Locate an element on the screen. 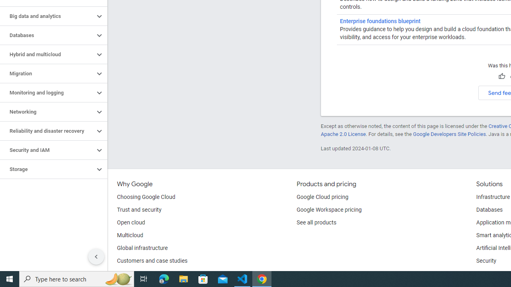 This screenshot has height=287, width=511. 'Global infrastructure' is located at coordinates (143, 248).